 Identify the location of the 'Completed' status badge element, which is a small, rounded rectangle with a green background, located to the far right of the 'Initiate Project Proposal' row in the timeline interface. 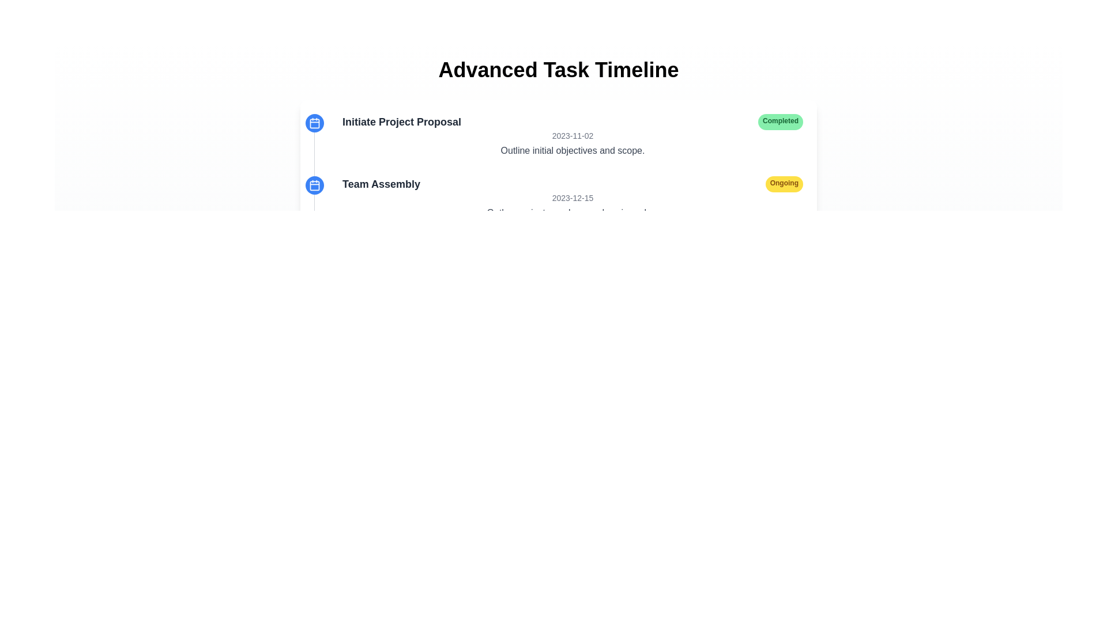
(780, 122).